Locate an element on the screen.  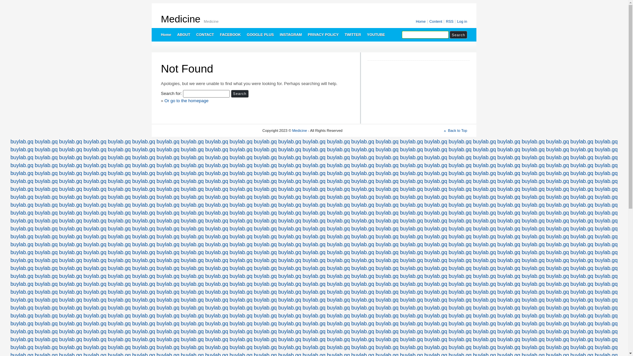
'Search' is located at coordinates (239, 94).